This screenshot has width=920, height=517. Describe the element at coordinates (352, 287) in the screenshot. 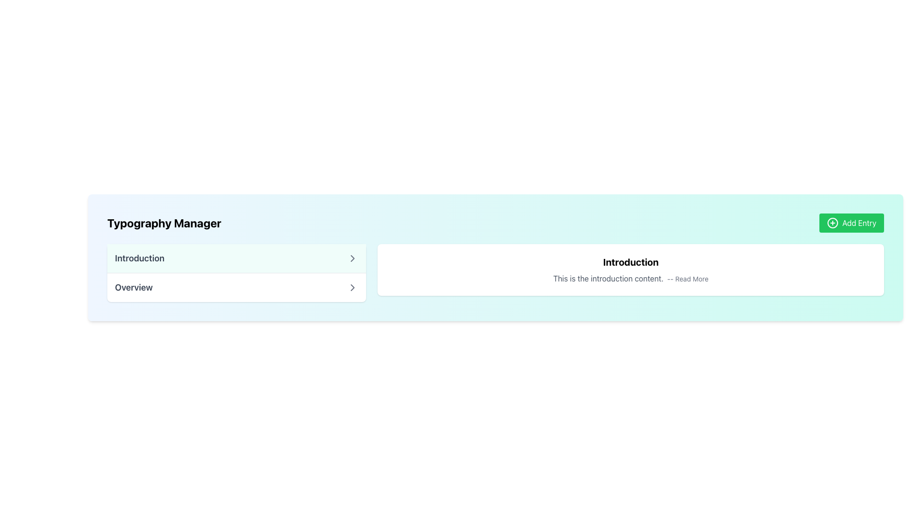

I see `the icon located at the far-right end of the 'Overview' row` at that location.